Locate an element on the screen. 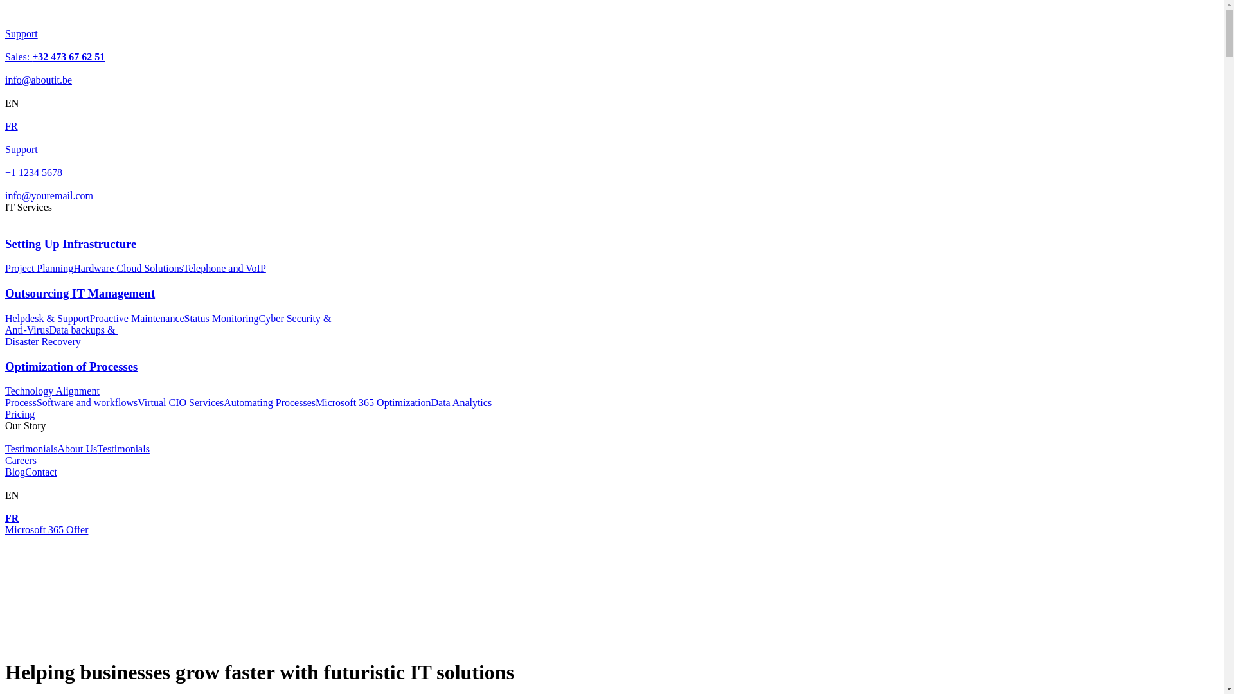  'Cyber Security & is located at coordinates (167, 323).